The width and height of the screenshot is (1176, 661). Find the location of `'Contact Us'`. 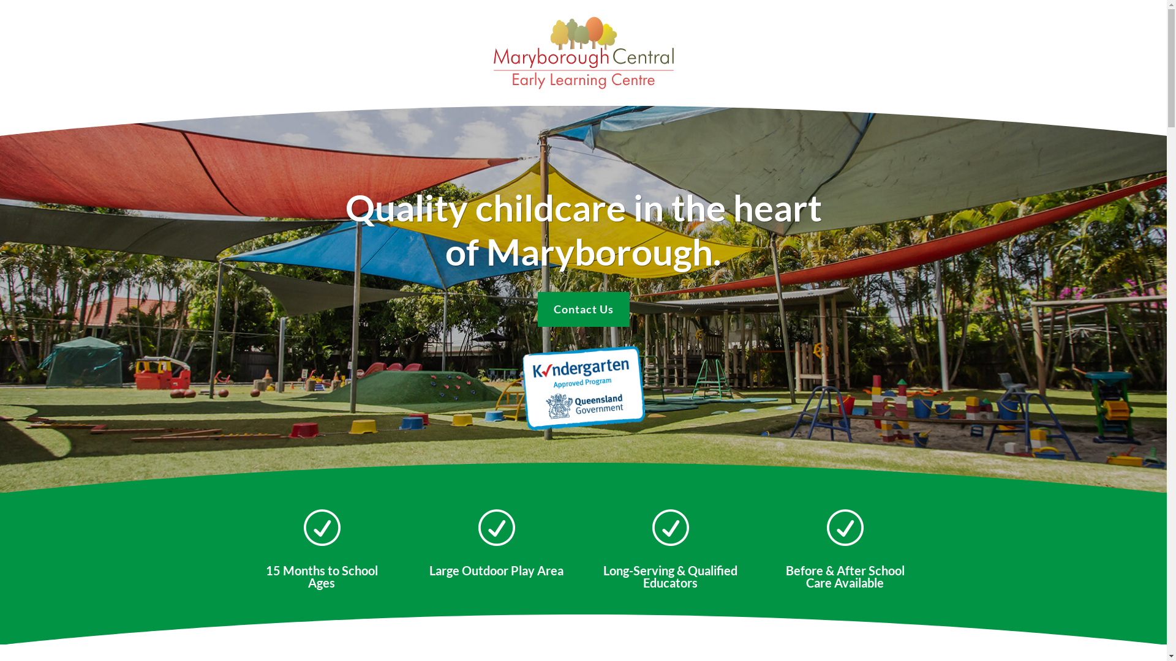

'Contact Us' is located at coordinates (583, 308).